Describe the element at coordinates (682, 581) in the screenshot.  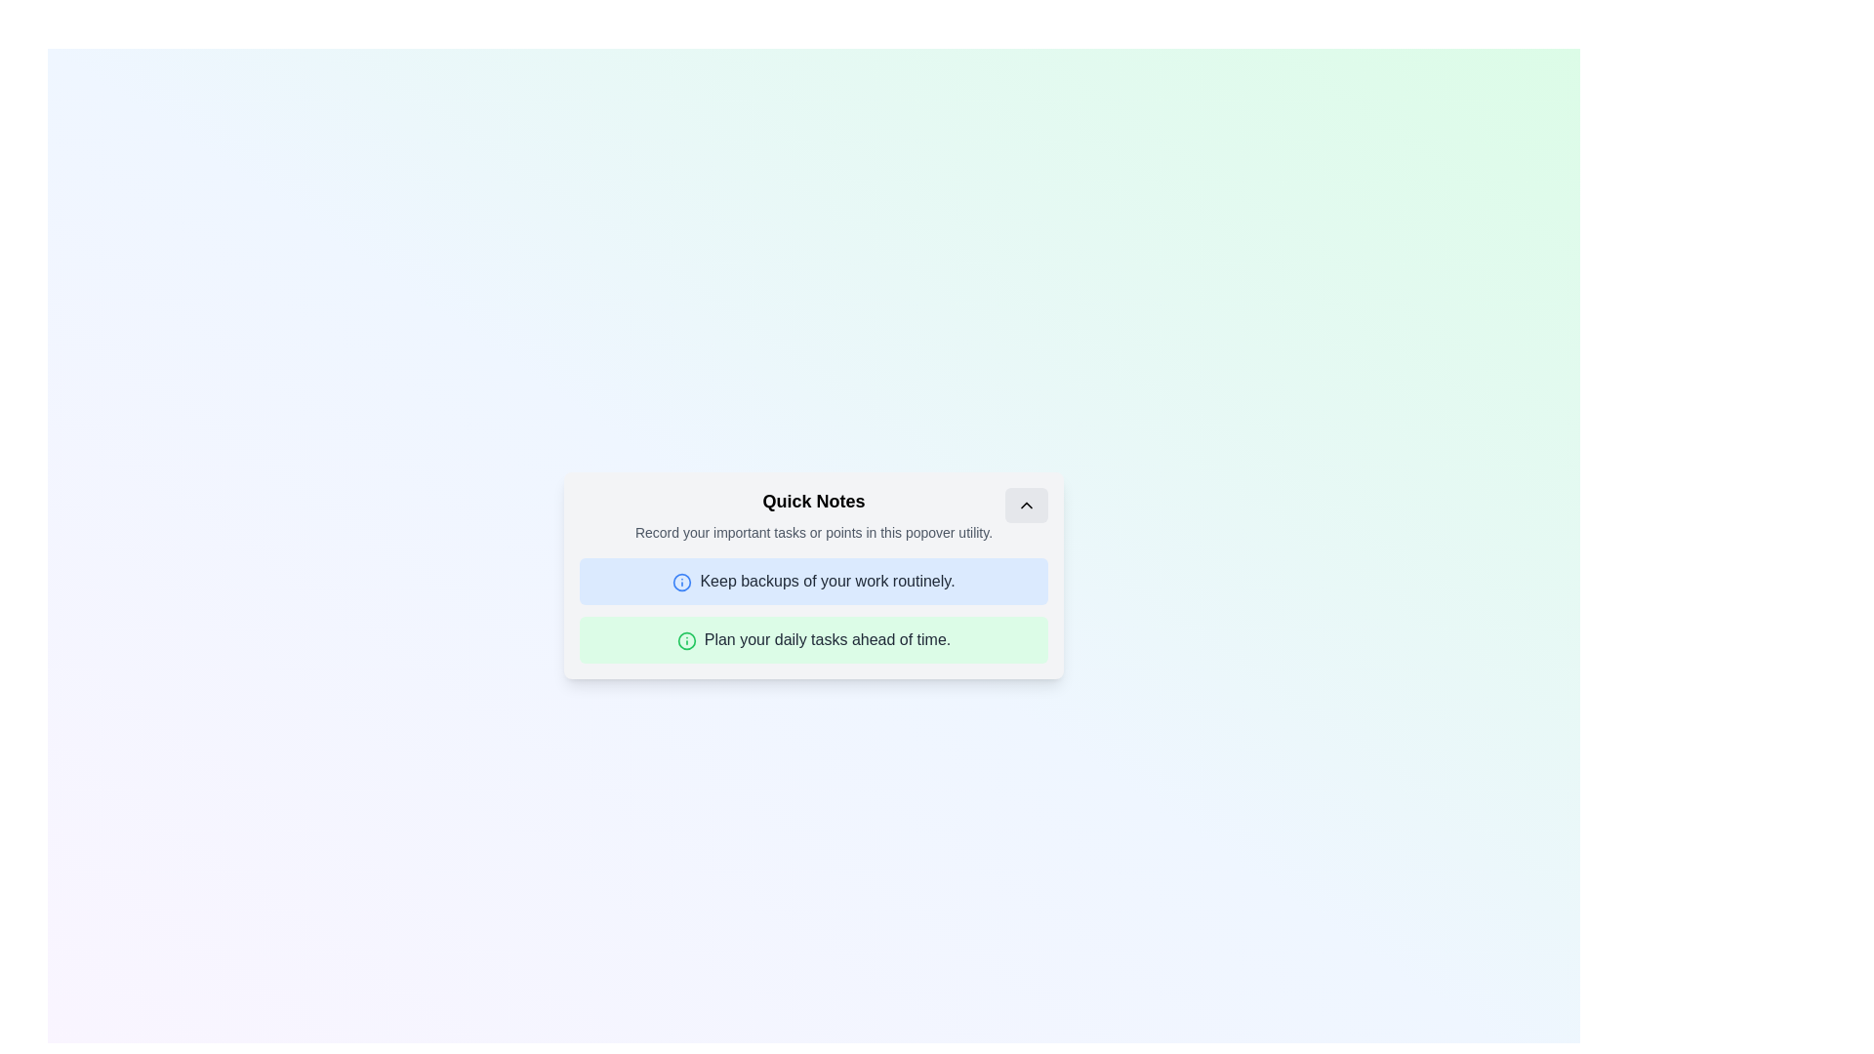
I see `the Circle within the 'info' icon that indicates additional information, located next to the label 'Keep backups of your work routinely.'` at that location.